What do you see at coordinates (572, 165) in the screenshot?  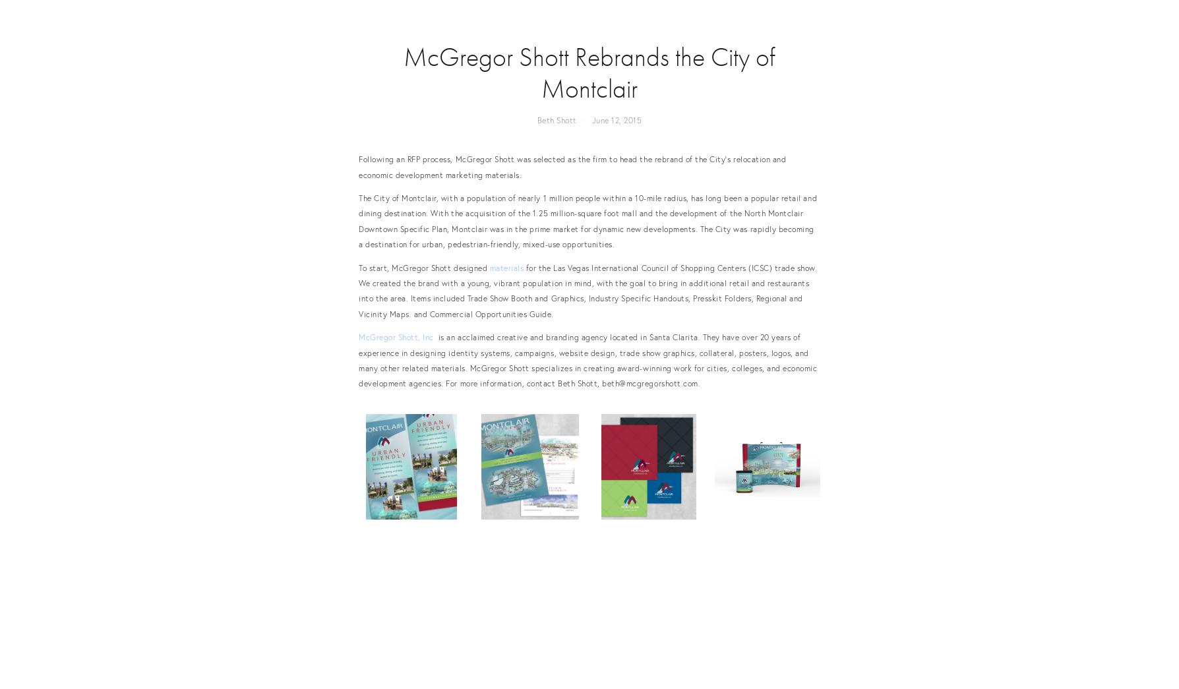 I see `'Following an RFP process, McGregor Shott was selected as the firm to head the rebrand of the City's relocation and economic development marketing materials.'` at bounding box center [572, 165].